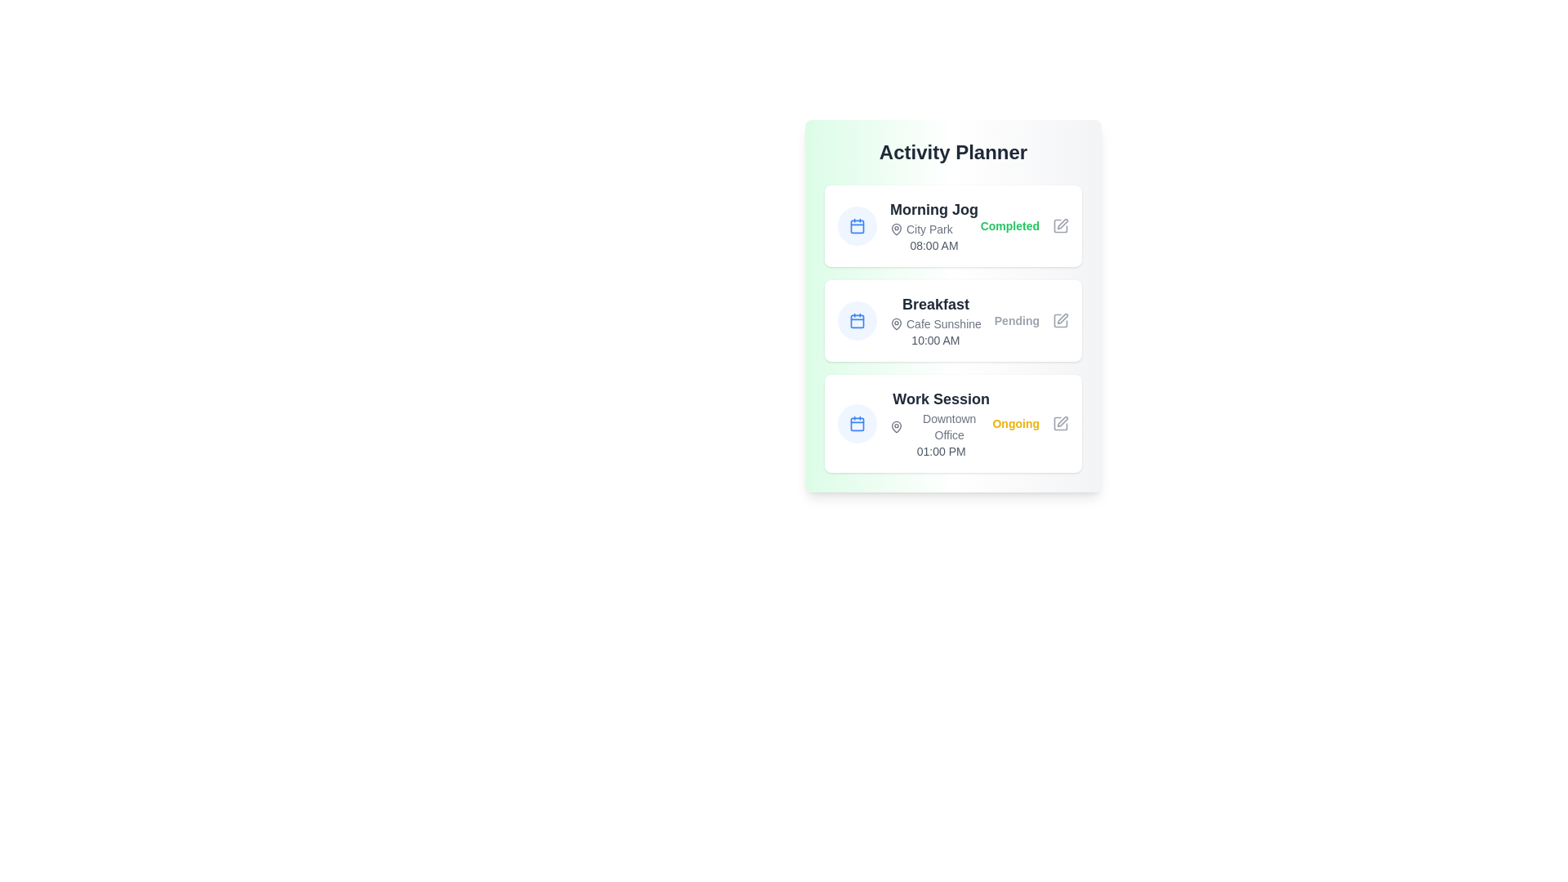 This screenshot has height=882, width=1568. I want to click on the upper portion of the location marker icon, which is styled with a thin, rounded outline and is located to the left of the text 'Downtown Office' in the 'Work Session' item of the 'Activity Planner' interface, so click(896, 323).